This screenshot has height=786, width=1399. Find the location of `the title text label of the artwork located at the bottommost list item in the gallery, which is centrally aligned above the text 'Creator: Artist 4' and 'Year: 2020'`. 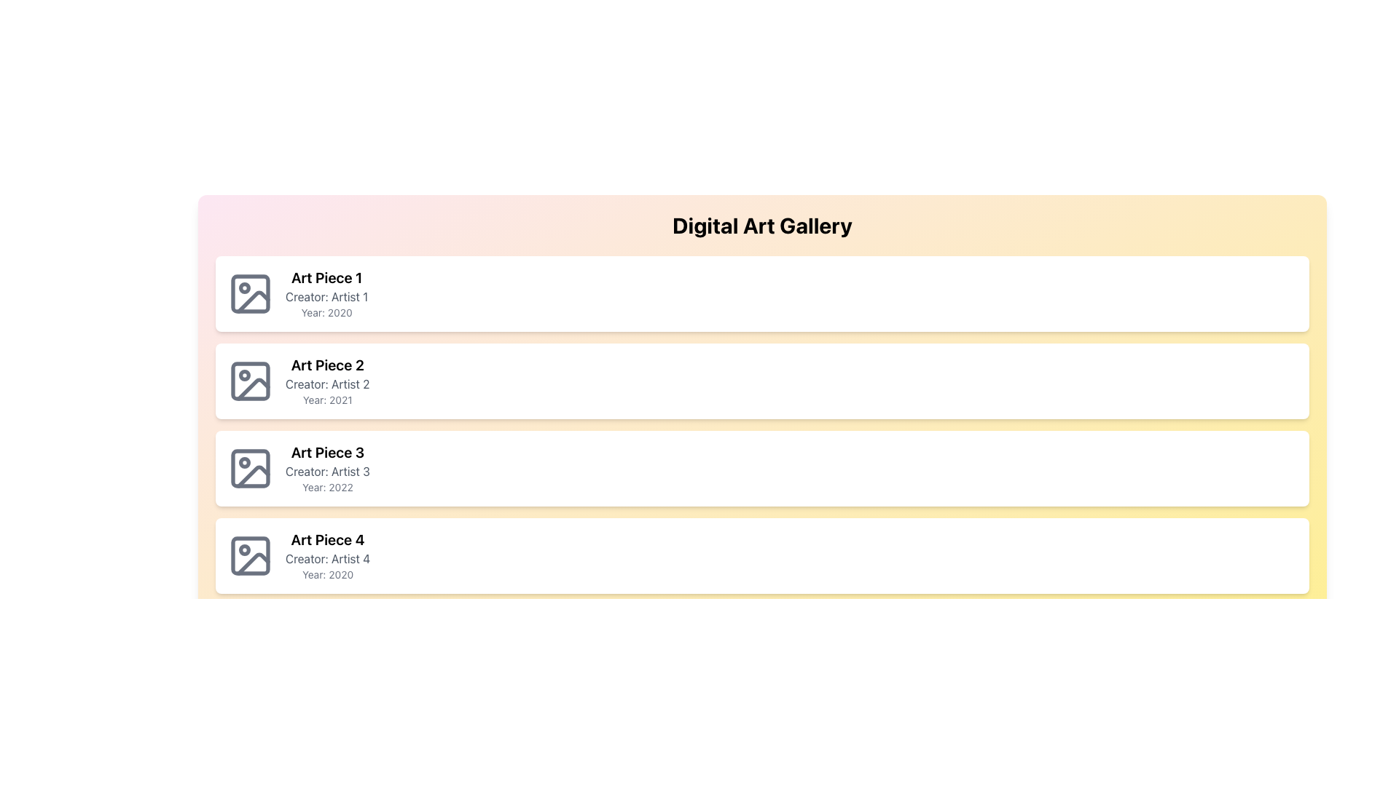

the title text label of the artwork located at the bottommost list item in the gallery, which is centrally aligned above the text 'Creator: Artist 4' and 'Year: 2020' is located at coordinates (327, 539).